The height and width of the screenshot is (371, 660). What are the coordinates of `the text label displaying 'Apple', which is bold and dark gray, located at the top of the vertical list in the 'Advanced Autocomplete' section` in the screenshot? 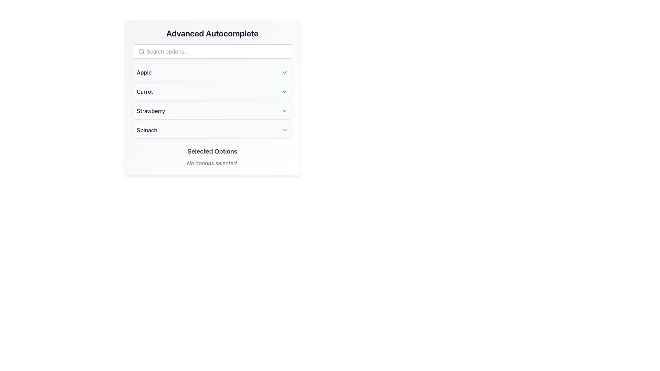 It's located at (144, 72).